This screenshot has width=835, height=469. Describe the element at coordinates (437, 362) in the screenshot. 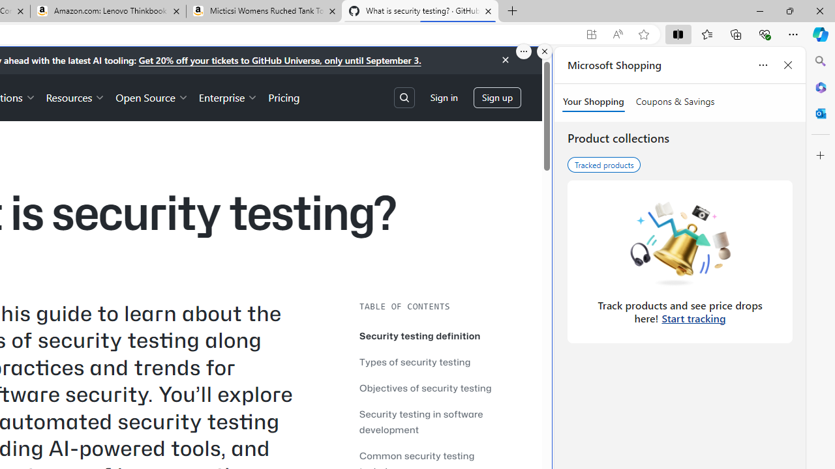

I see `'Types of security testing'` at that location.